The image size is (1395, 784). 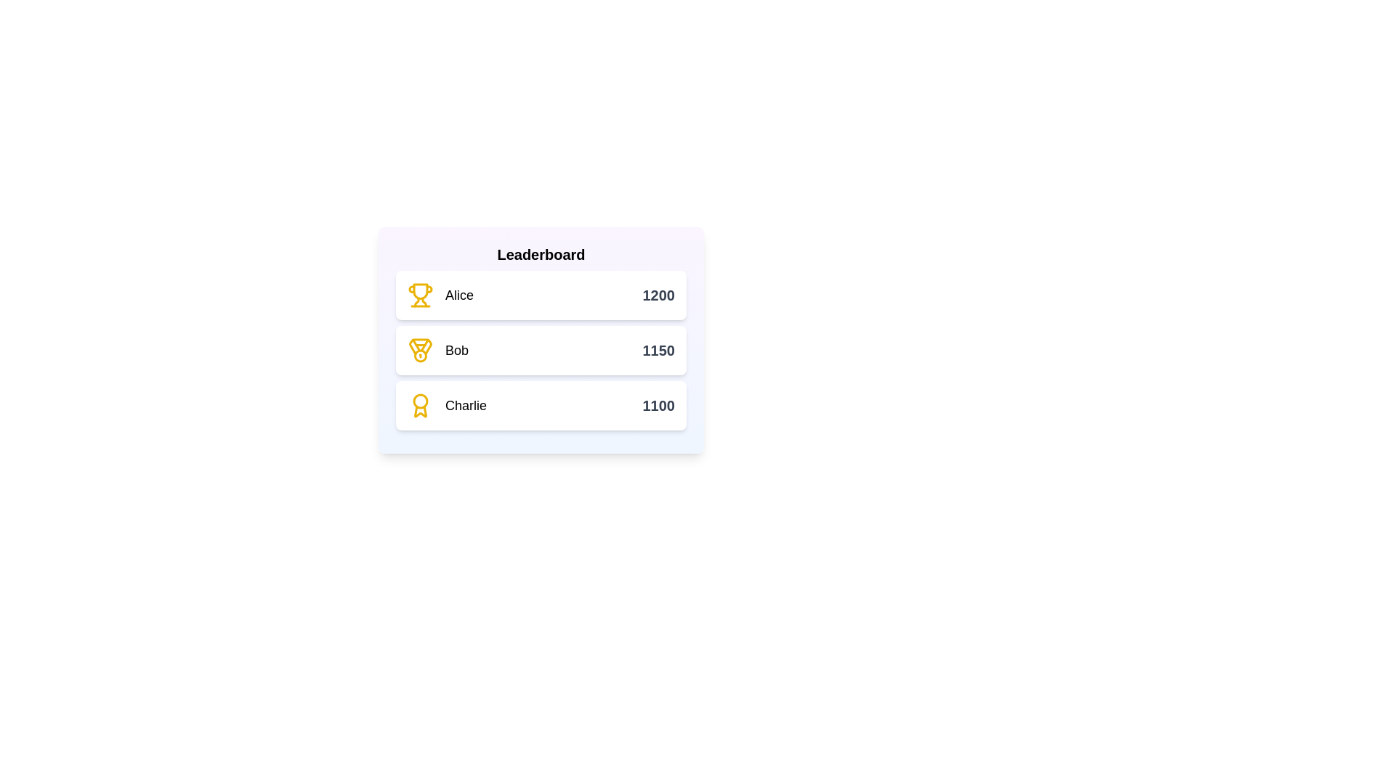 What do you see at coordinates (540, 406) in the screenshot?
I see `the leaderboard item corresponding to Charlie to observe the hover effect` at bounding box center [540, 406].